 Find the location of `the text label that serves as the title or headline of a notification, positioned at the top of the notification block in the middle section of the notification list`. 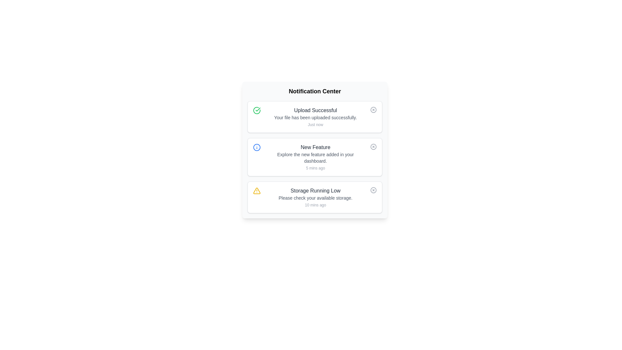

the text label that serves as the title or headline of a notification, positioned at the top of the notification block in the middle section of the notification list is located at coordinates (316, 147).